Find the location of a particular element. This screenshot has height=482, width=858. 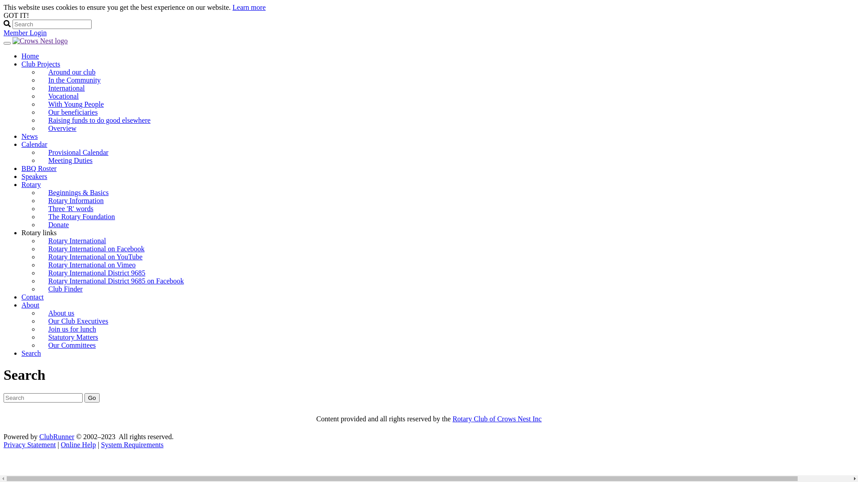

'Our Committees' is located at coordinates (38, 345).